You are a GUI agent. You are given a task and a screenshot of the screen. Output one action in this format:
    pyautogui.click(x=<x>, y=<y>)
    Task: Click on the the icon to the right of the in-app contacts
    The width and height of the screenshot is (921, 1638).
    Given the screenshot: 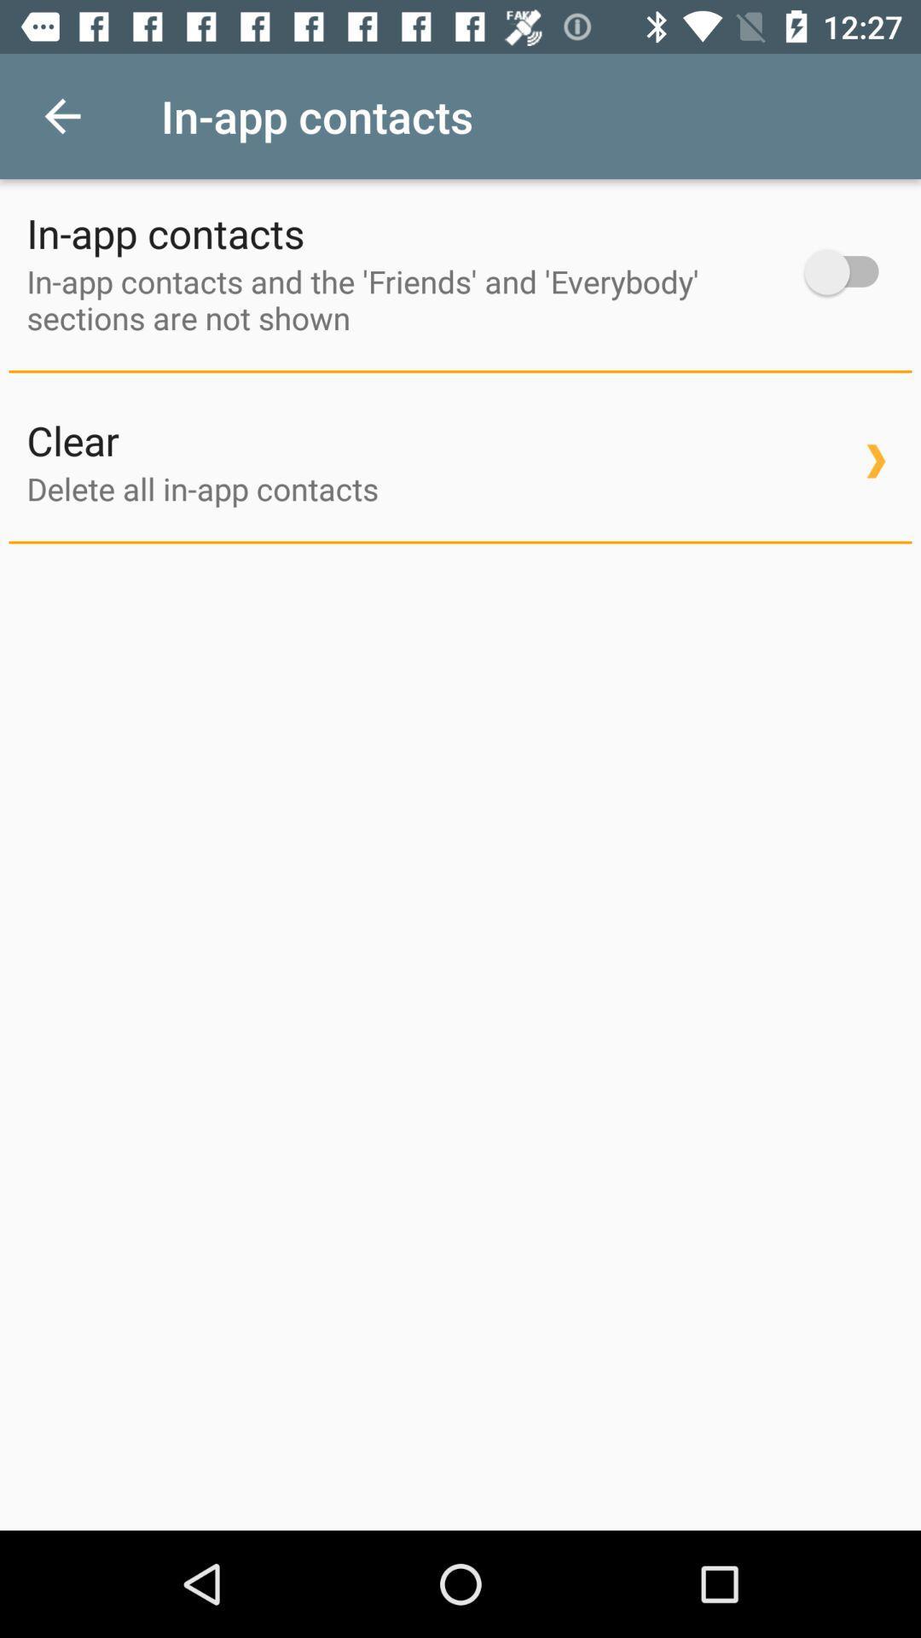 What is the action you would take?
    pyautogui.click(x=849, y=271)
    